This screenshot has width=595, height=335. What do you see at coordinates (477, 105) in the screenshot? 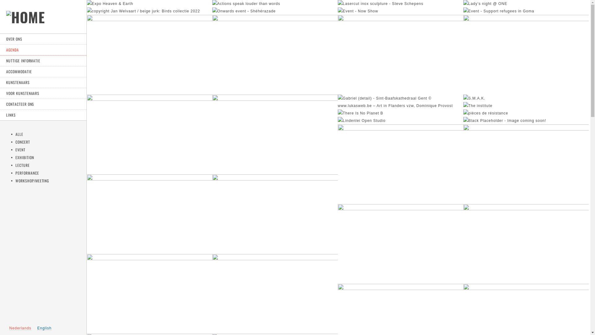
I see `'The institute'` at bounding box center [477, 105].